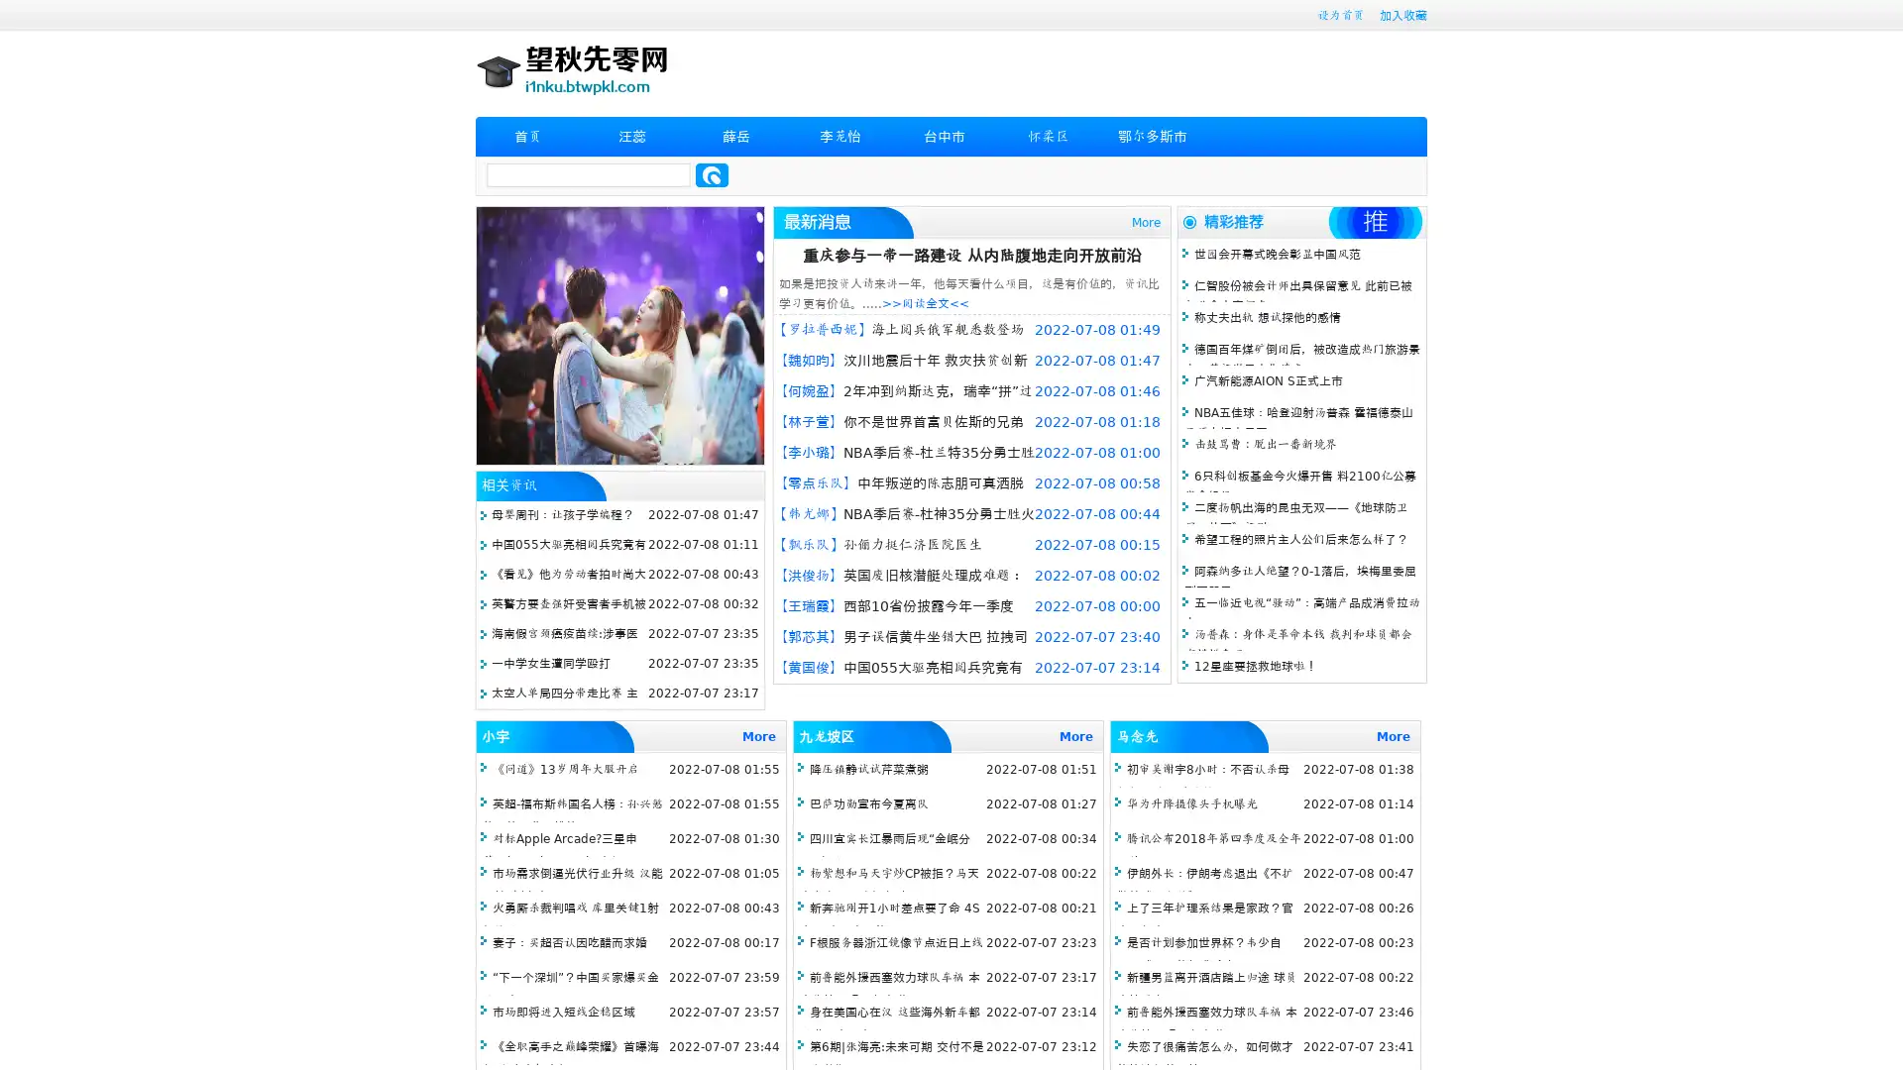  Describe the element at coordinates (712, 174) in the screenshot. I see `Search` at that location.